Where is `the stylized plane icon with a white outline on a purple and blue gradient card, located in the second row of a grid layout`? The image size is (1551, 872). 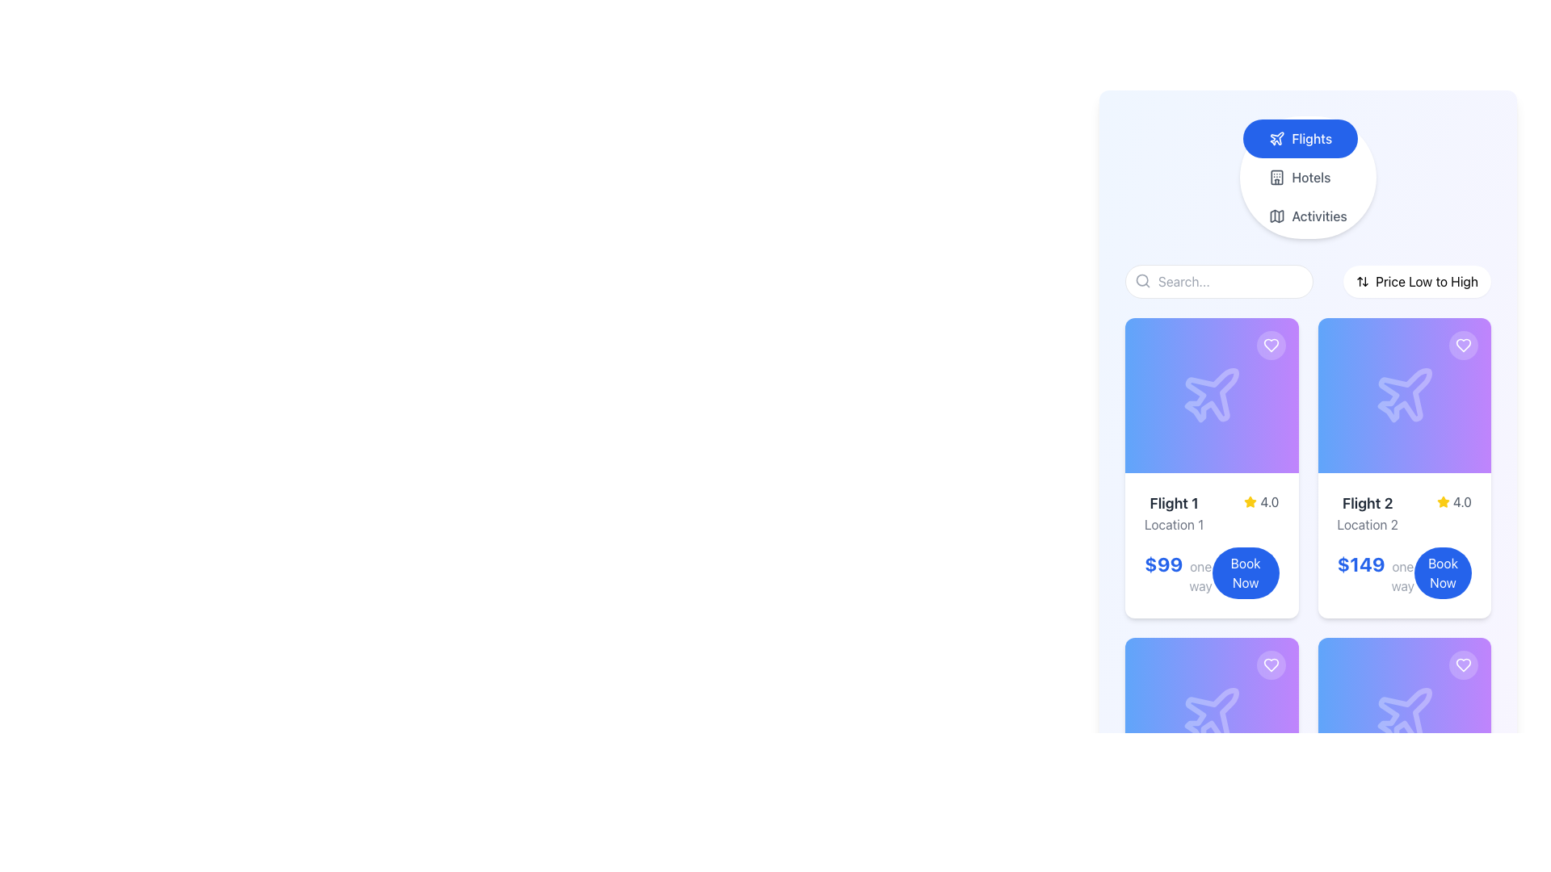 the stylized plane icon with a white outline on a purple and blue gradient card, located in the second row of a grid layout is located at coordinates (1212, 715).